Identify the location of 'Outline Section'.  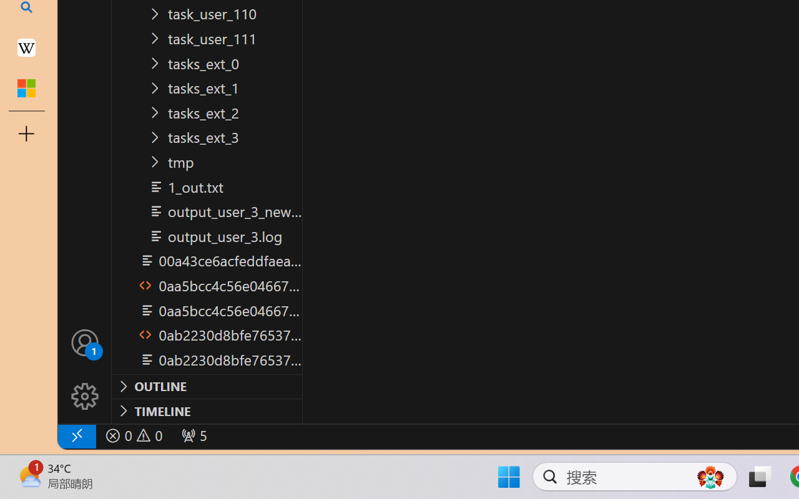
(207, 386).